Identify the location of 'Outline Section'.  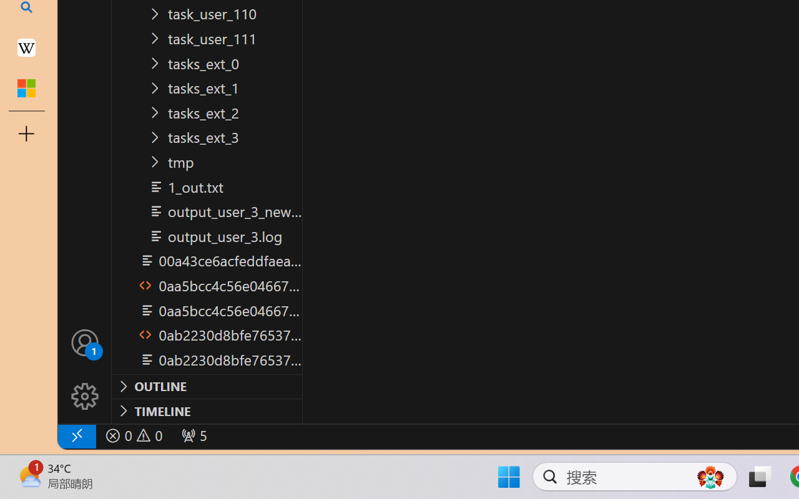
(207, 386).